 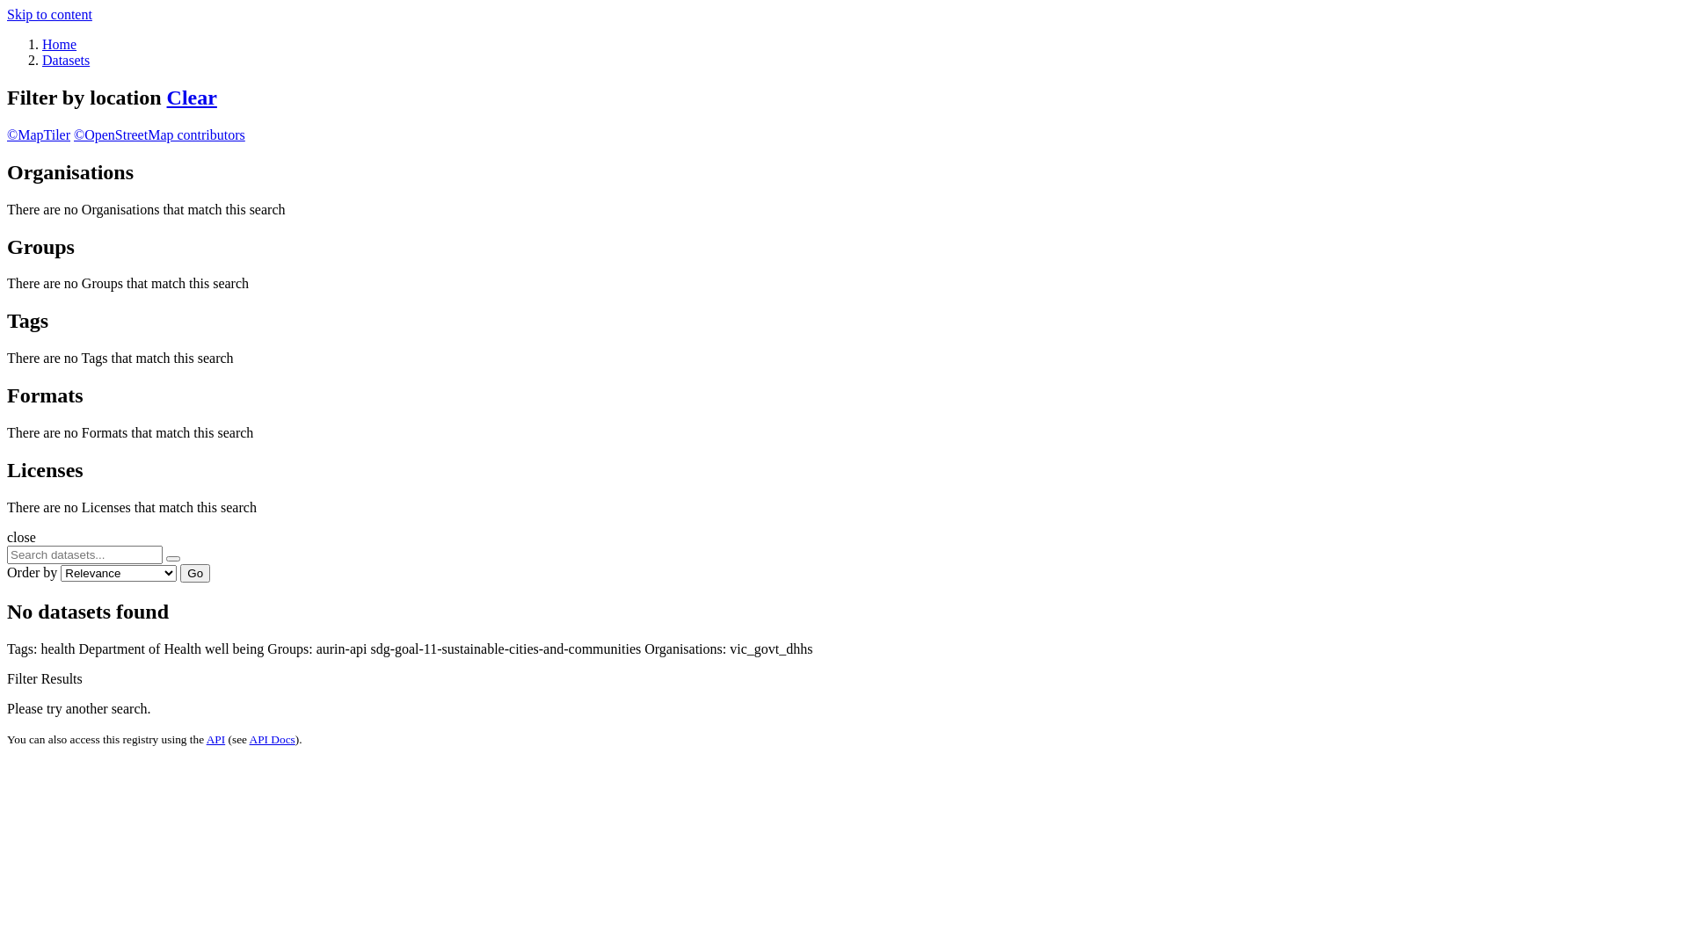 What do you see at coordinates (192, 98) in the screenshot?
I see `'Clear'` at bounding box center [192, 98].